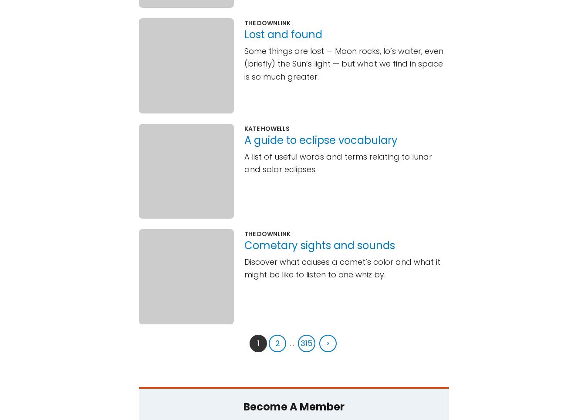 This screenshot has height=420, width=588. Describe the element at coordinates (294, 406) in the screenshot. I see `'Become A Member'` at that location.